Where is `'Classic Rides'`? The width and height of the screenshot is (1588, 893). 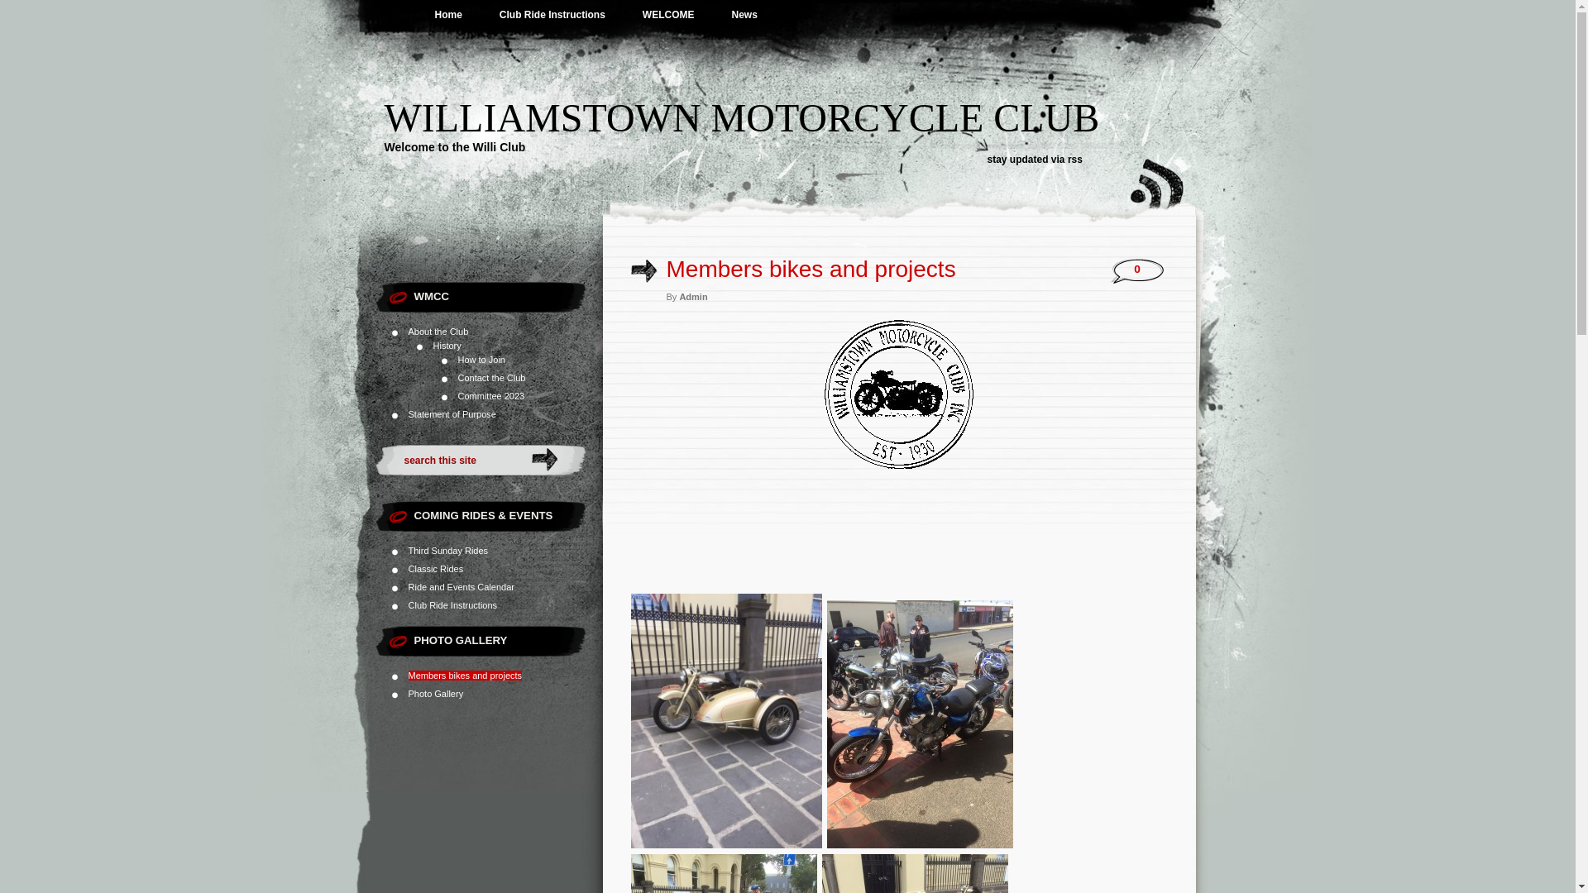 'Classic Rides' is located at coordinates (436, 567).